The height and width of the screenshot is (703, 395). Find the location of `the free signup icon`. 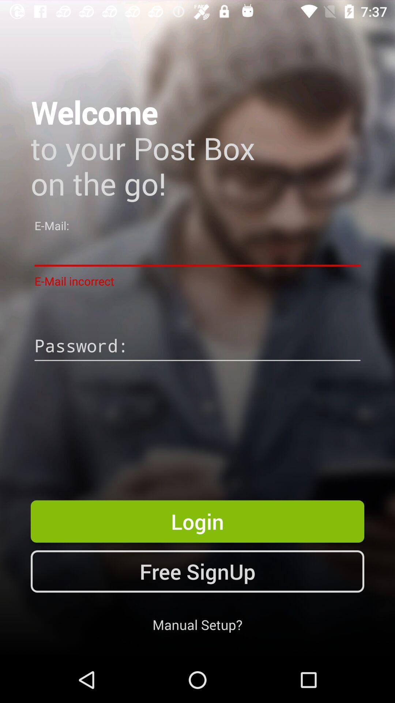

the free signup icon is located at coordinates (197, 571).